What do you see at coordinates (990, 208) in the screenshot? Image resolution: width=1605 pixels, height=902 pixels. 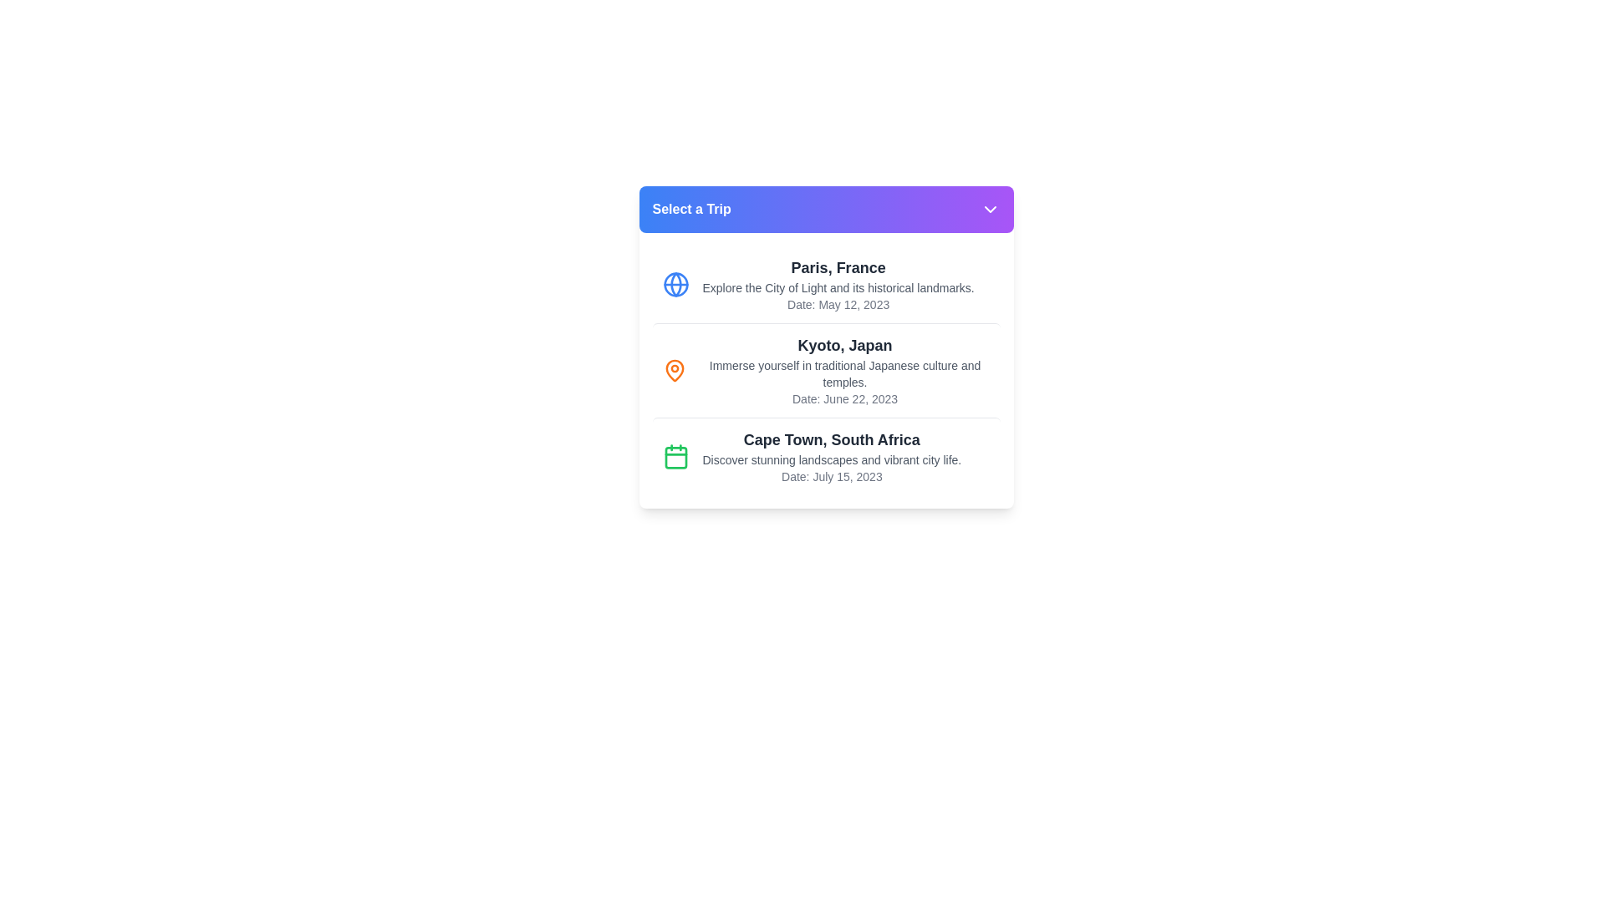 I see `the downward-pointing chevron SVG icon located at the end of the 'Select a Trip' purple gradient bar for additional UI feedback` at bounding box center [990, 208].